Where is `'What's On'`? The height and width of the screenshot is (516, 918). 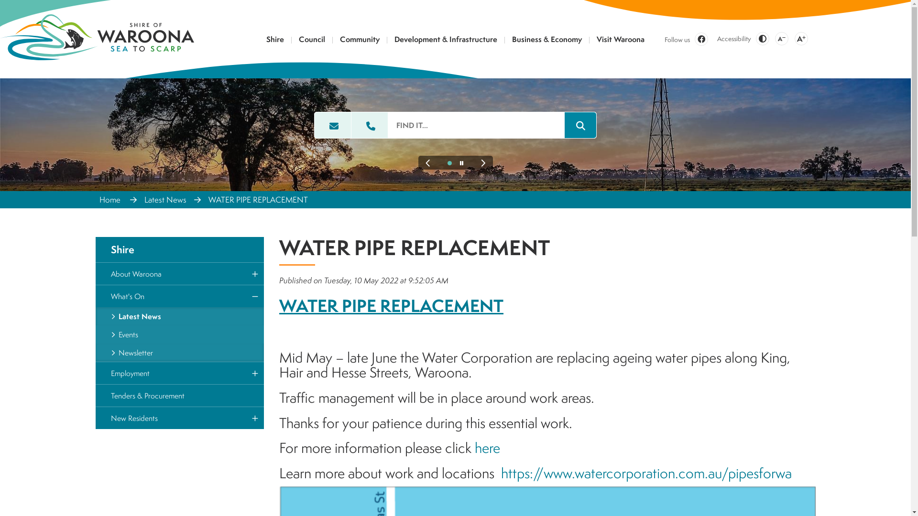 'What's On' is located at coordinates (180, 296).